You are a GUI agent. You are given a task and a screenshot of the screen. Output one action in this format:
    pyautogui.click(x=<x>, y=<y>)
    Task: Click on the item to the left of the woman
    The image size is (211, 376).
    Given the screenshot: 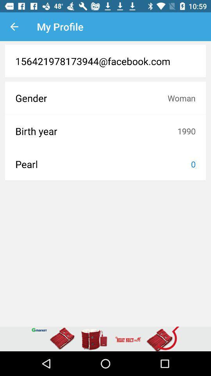 What is the action you would take?
    pyautogui.click(x=91, y=98)
    